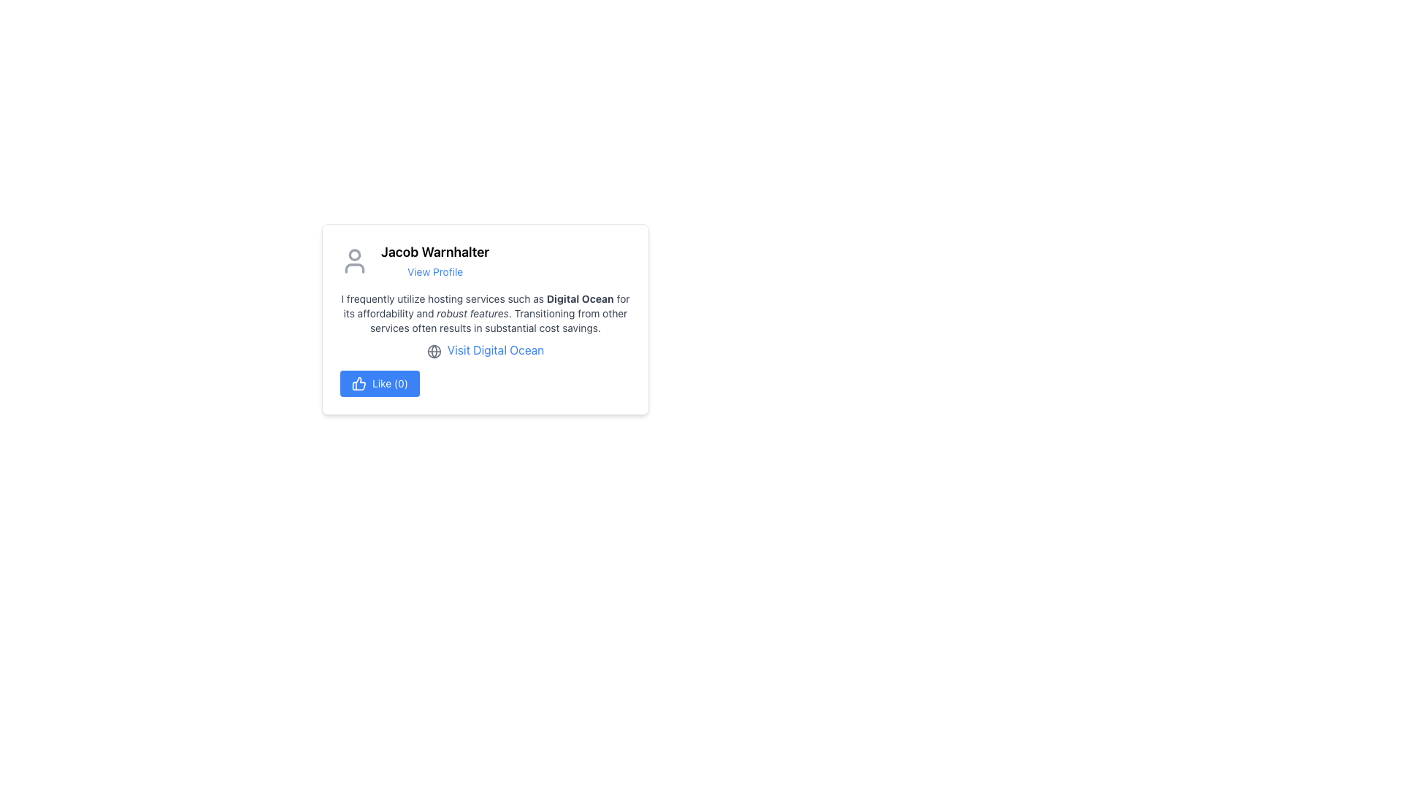 This screenshot has width=1402, height=788. What do you see at coordinates (433, 351) in the screenshot?
I see `the globe icon that visually represents a global entity, located to the left of the 'Visit Digital Ocean' text within a card-like structure` at bounding box center [433, 351].